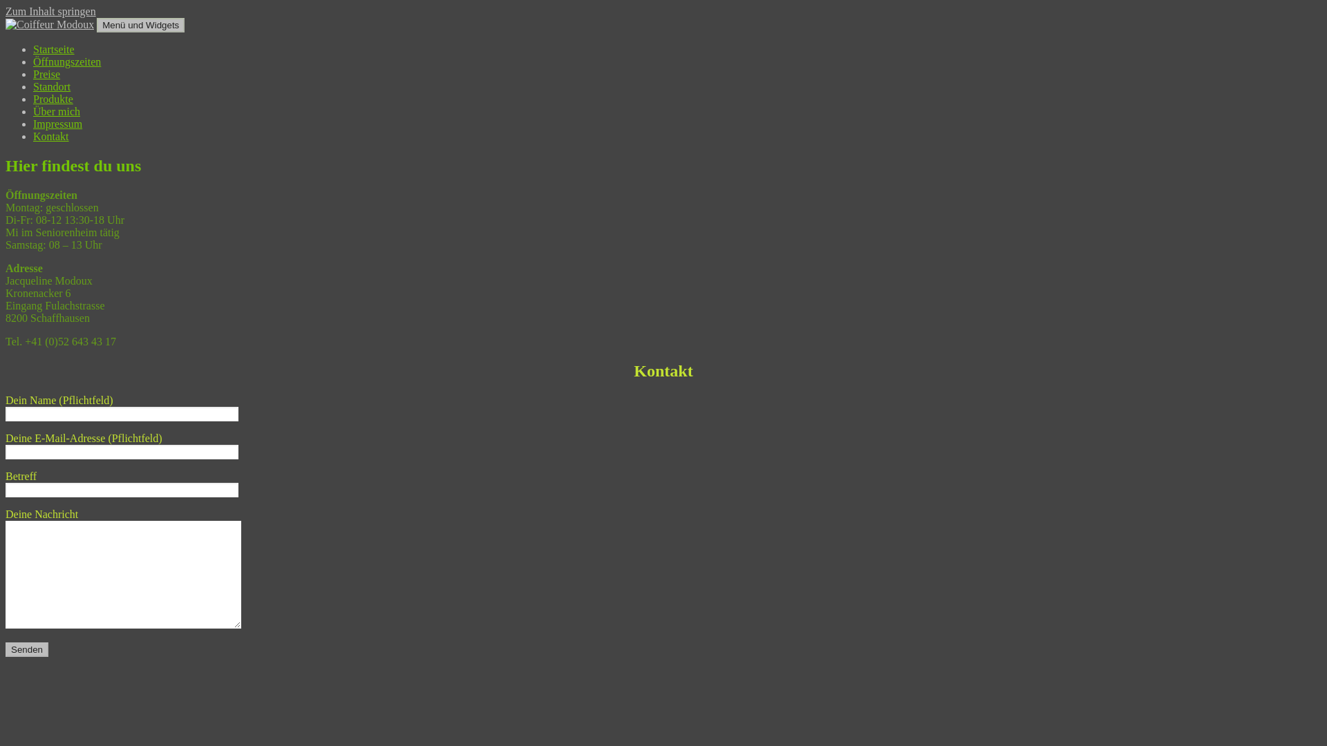 The width and height of the screenshot is (1327, 746). Describe the element at coordinates (46, 74) in the screenshot. I see `'Preise'` at that location.